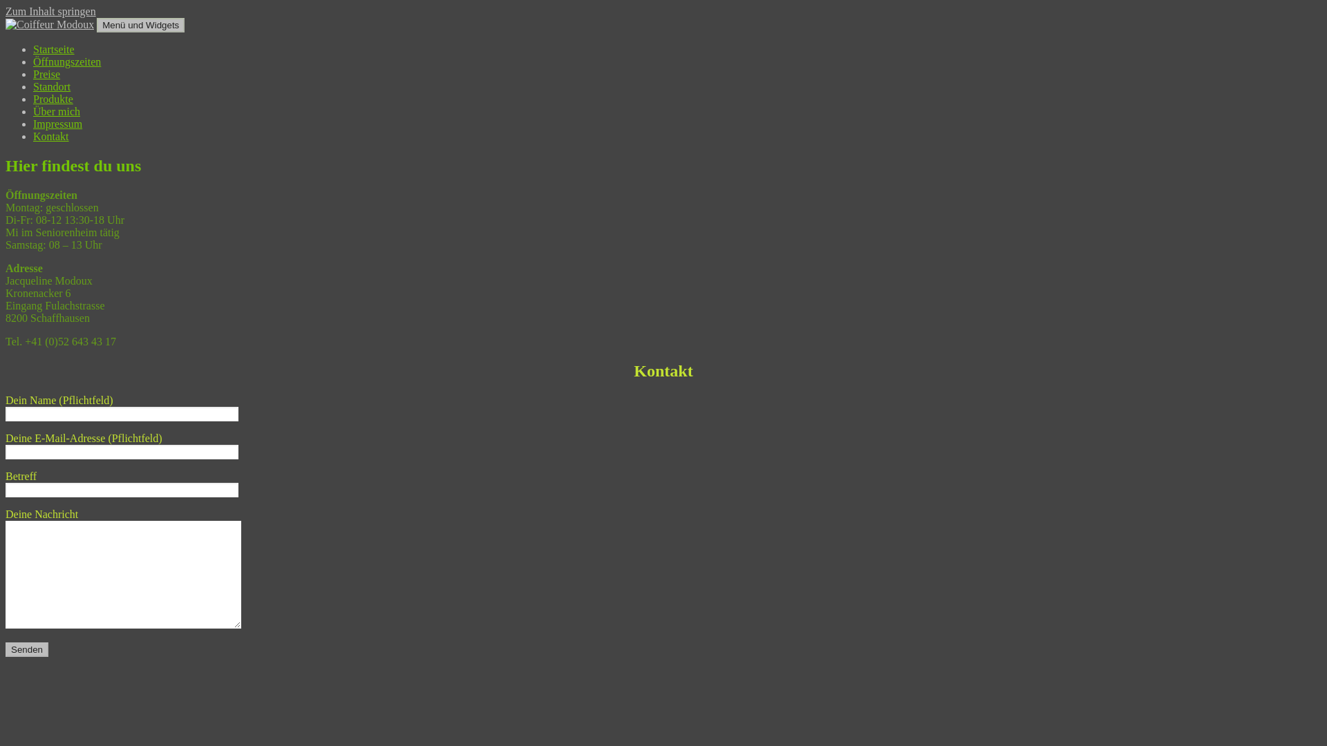 The width and height of the screenshot is (1327, 746). Describe the element at coordinates (46, 74) in the screenshot. I see `'Preise'` at that location.